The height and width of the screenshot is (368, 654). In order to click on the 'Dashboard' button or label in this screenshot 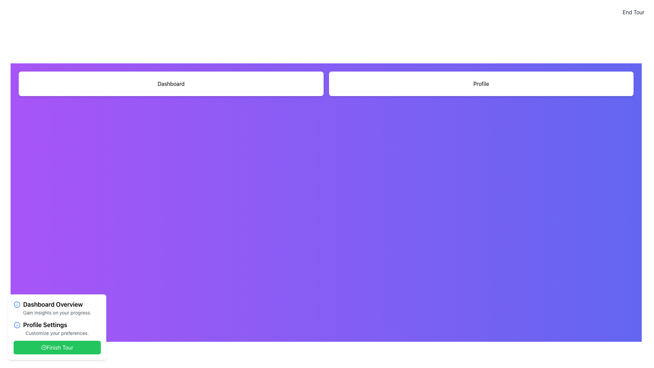, I will do `click(171, 83)`.